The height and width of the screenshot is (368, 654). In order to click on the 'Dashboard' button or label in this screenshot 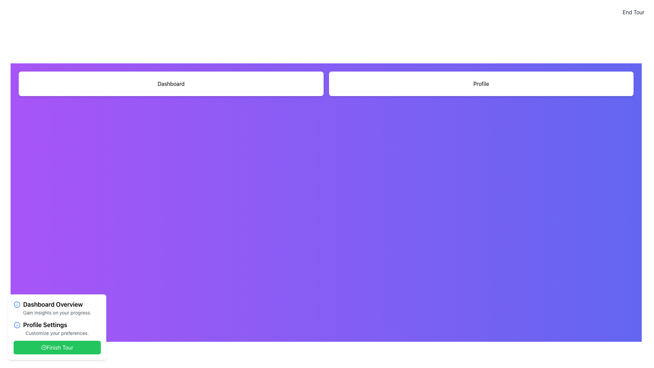, I will do `click(171, 83)`.